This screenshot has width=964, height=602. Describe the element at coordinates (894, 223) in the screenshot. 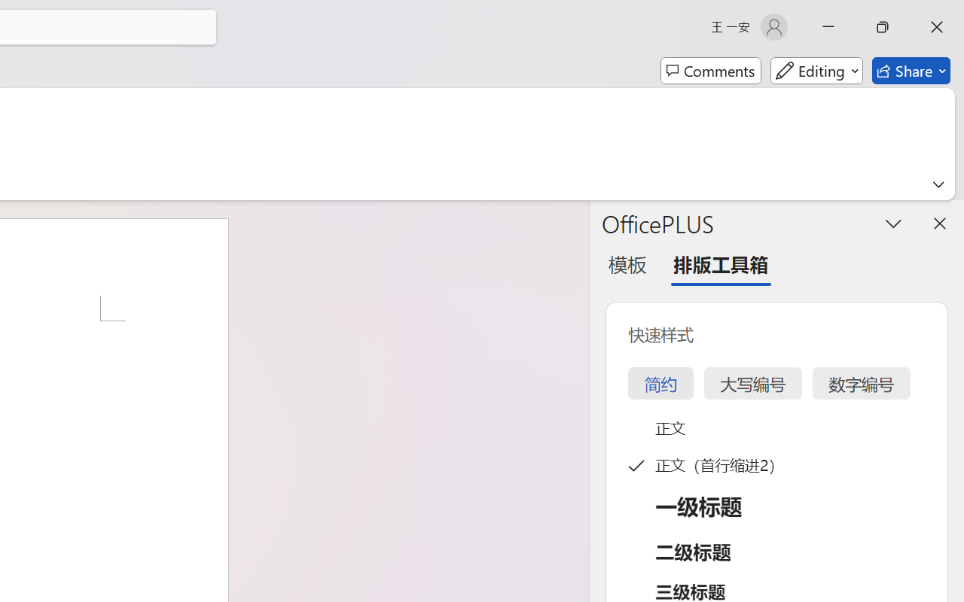

I see `'Task Pane Options'` at that location.